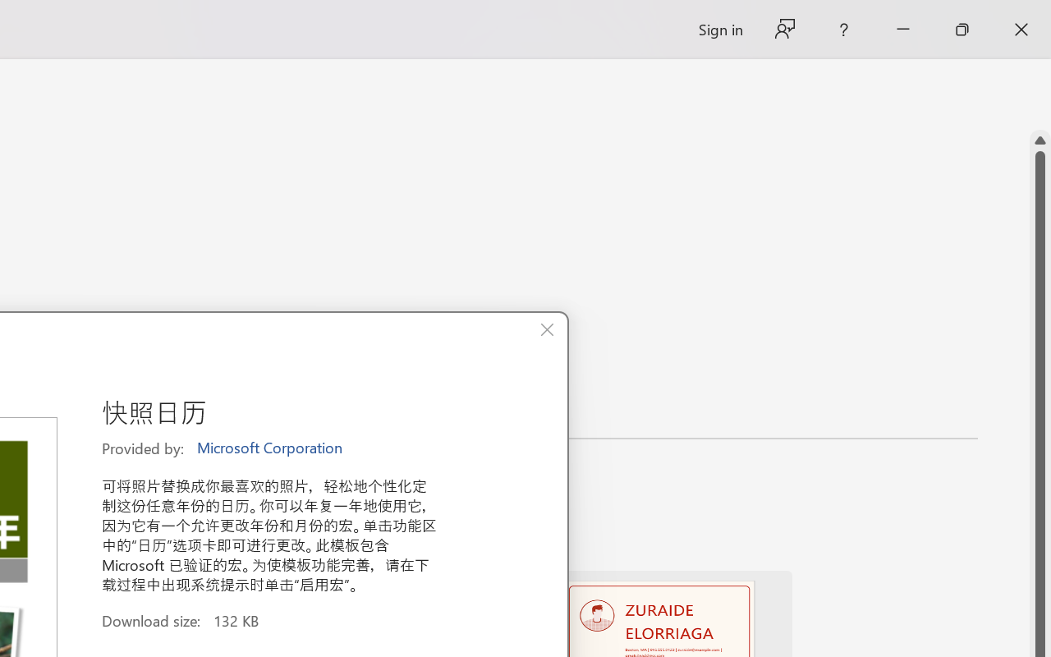 The width and height of the screenshot is (1051, 657). I want to click on 'Microsoft Corporation', so click(271, 448).